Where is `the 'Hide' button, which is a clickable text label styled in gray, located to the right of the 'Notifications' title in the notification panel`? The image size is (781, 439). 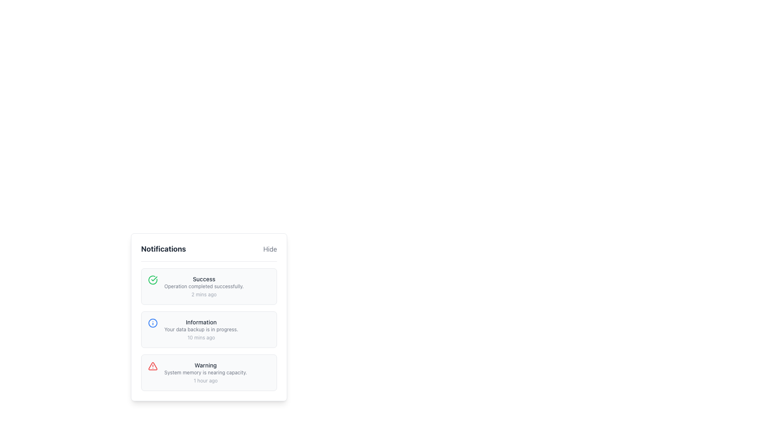
the 'Hide' button, which is a clickable text label styled in gray, located to the right of the 'Notifications' title in the notification panel is located at coordinates (270, 249).